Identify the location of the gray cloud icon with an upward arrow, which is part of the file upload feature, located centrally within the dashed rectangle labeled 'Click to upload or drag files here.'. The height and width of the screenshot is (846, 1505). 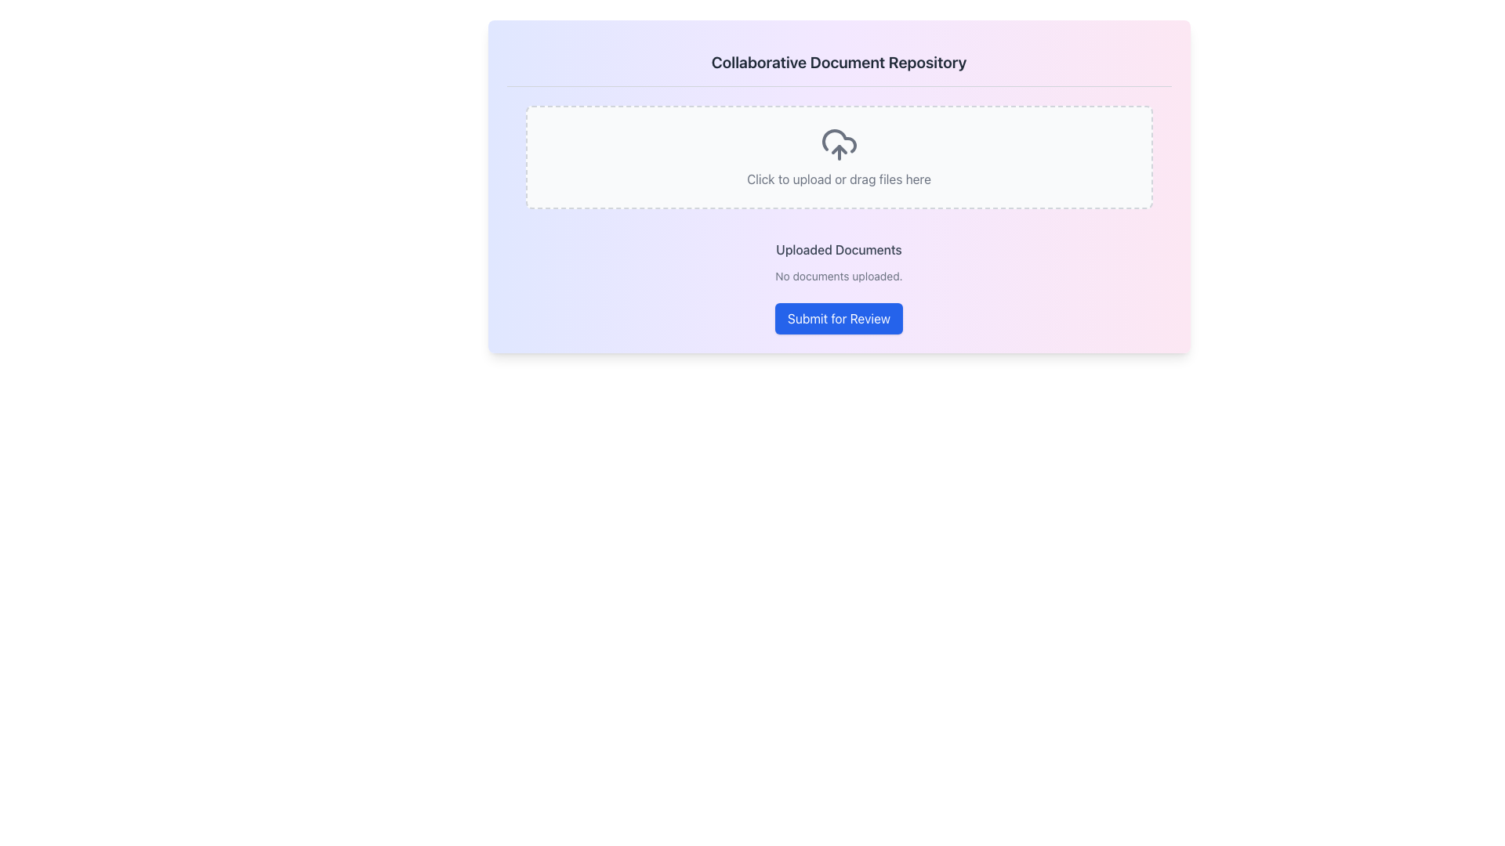
(838, 145).